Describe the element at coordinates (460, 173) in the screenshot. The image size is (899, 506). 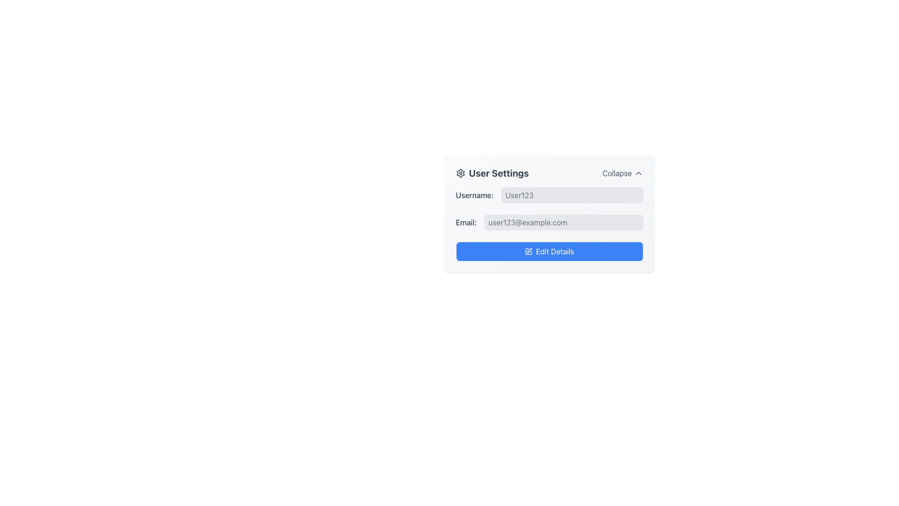
I see `the 'User Settings' icon located at the top-left corner of the settings panel, to the left of the text 'User Settings'` at that location.